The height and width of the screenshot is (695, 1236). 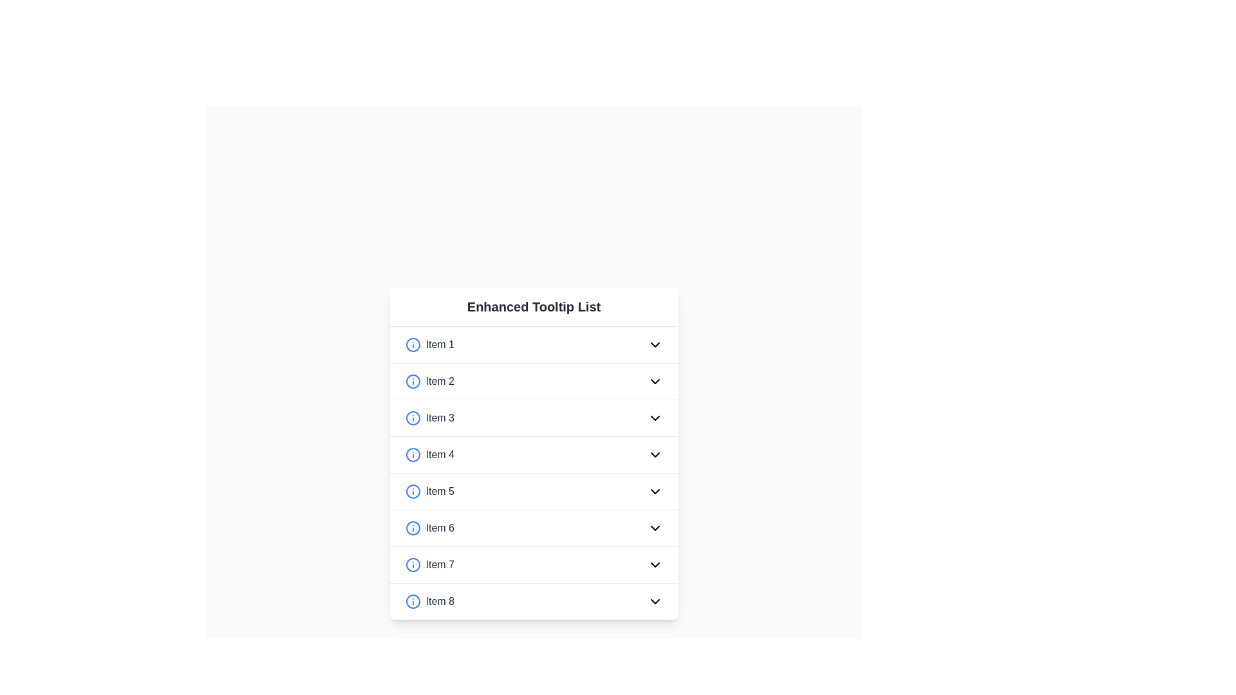 I want to click on the second list item in the 'Enhanced Tooltip List', so click(x=534, y=381).